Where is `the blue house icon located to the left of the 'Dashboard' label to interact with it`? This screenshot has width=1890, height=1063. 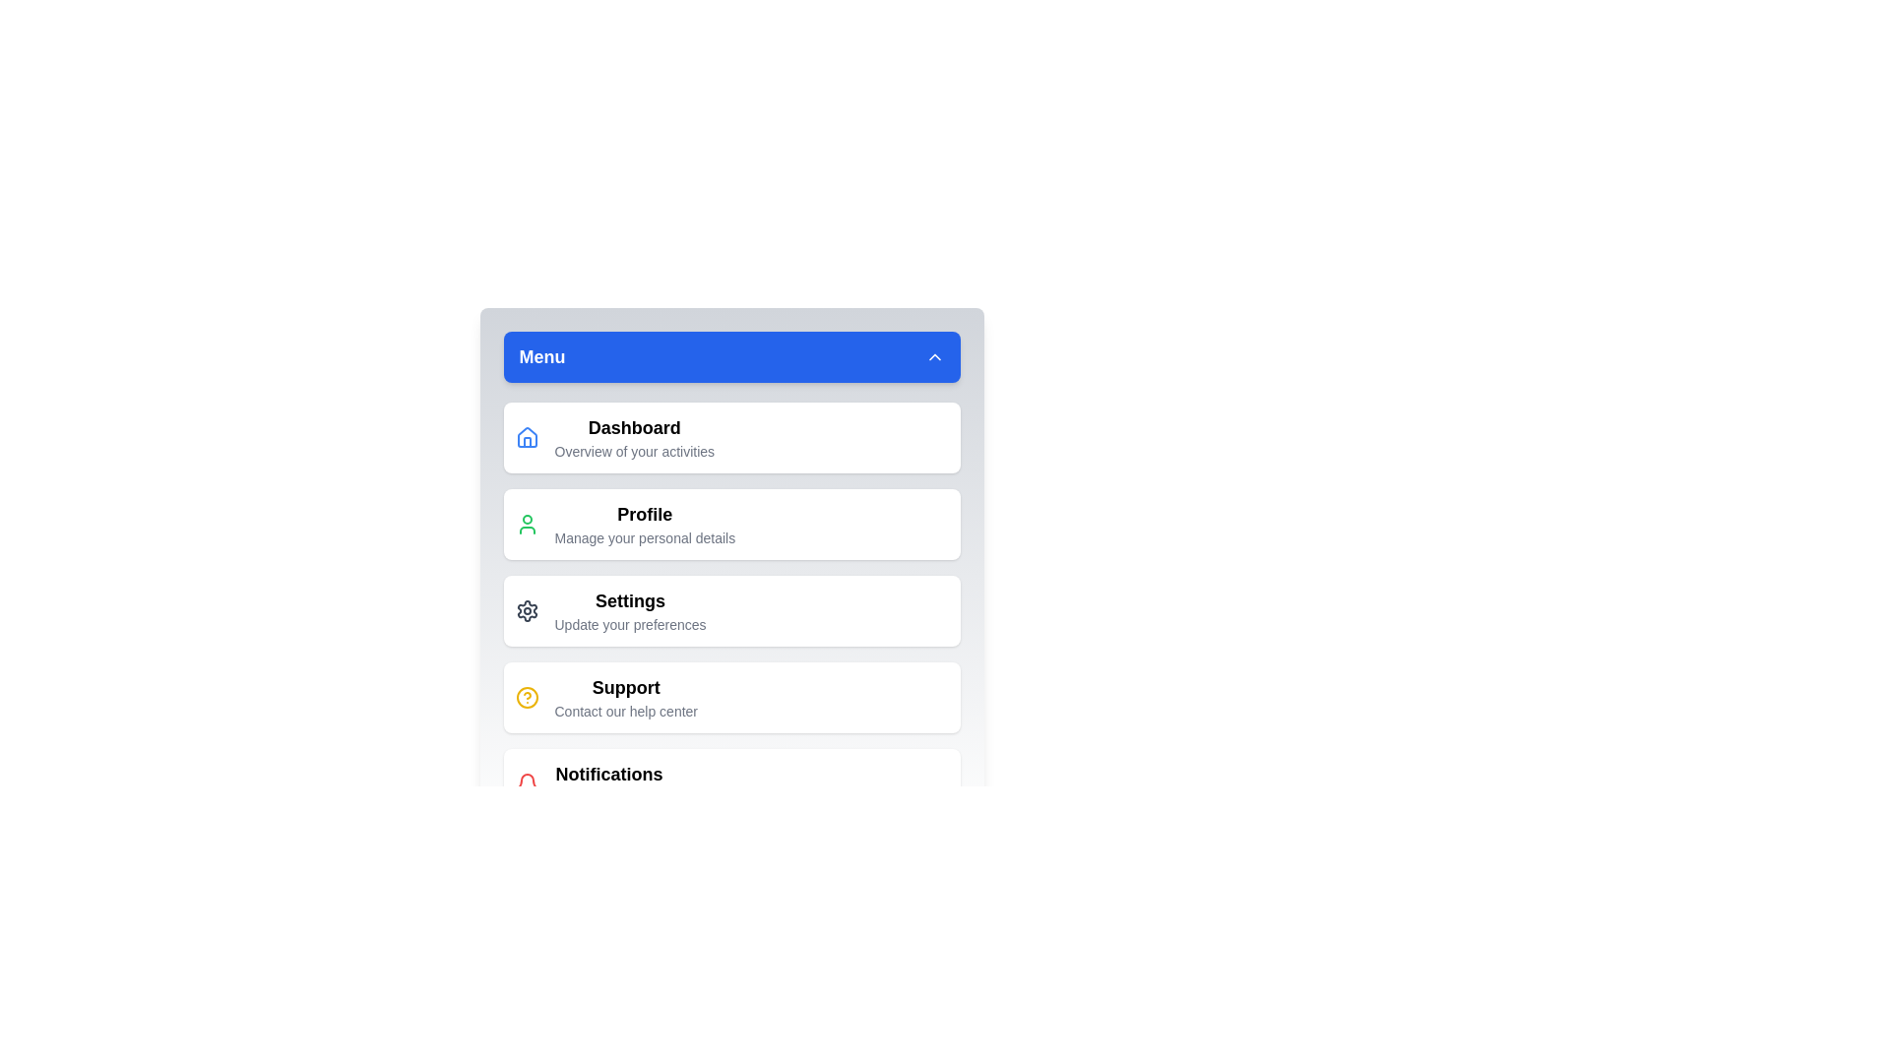
the blue house icon located to the left of the 'Dashboard' label to interact with it is located at coordinates (527, 436).